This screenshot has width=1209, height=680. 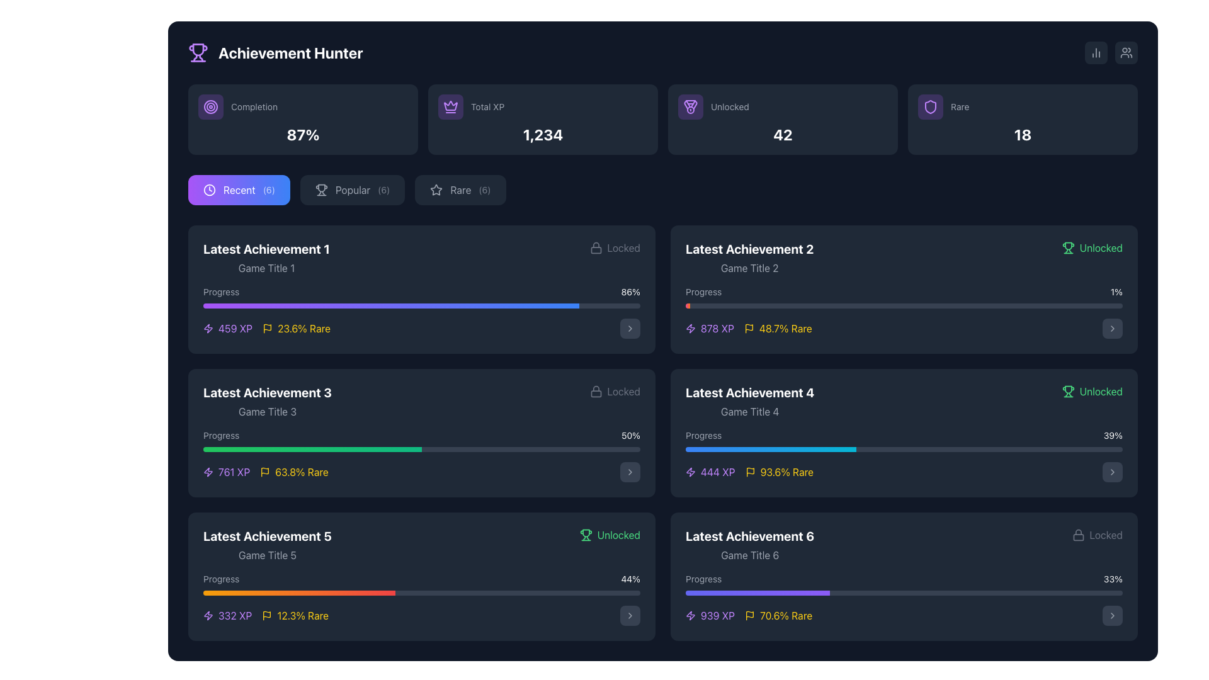 What do you see at coordinates (221, 579) in the screenshot?
I see `Text label indicating progress metrics located at the top left of the 'Latest Achievement 5' card, above the progress bar and to the left of the numerical progress percentage` at bounding box center [221, 579].